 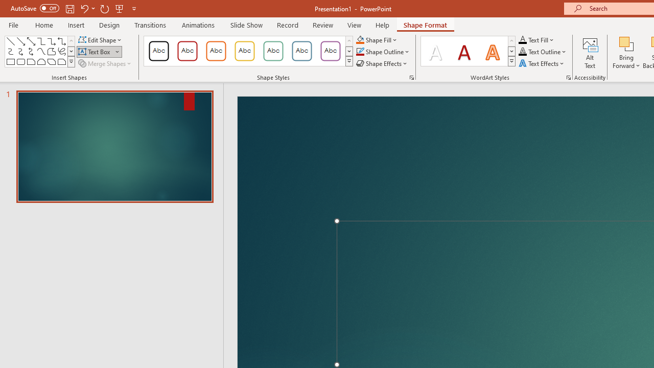 I want to click on 'Text Outline', so click(x=543, y=52).